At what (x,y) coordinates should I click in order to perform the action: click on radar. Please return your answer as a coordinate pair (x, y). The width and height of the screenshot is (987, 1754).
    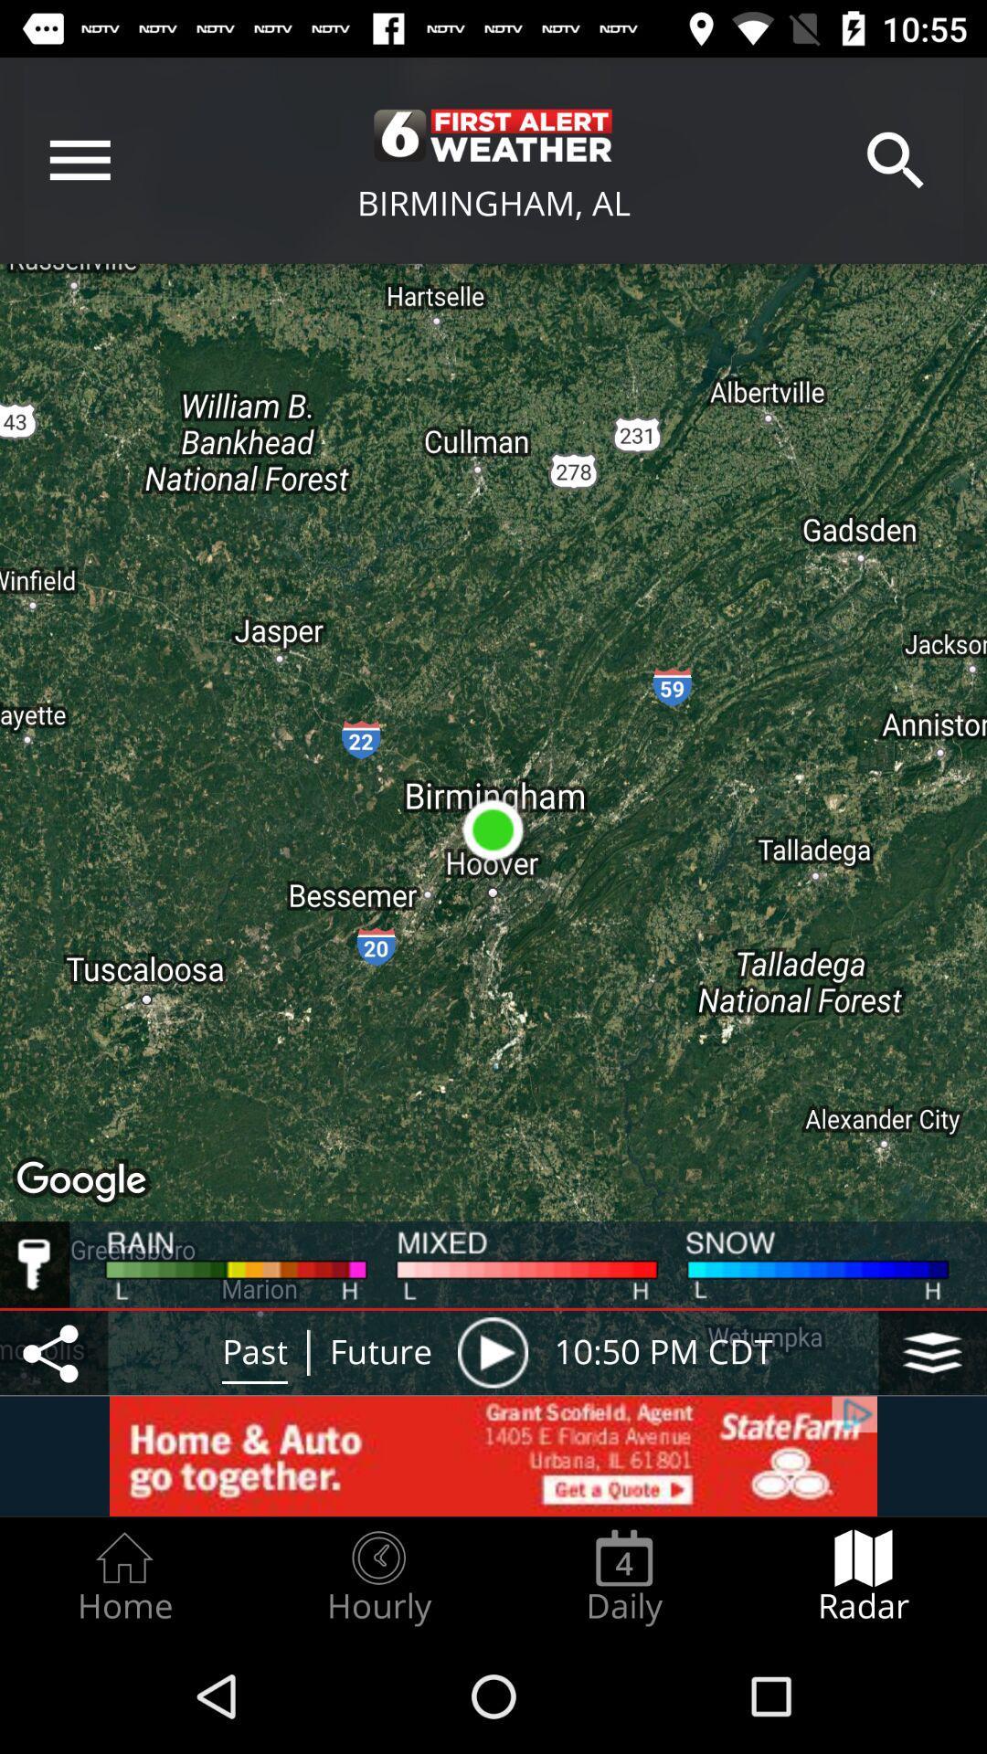
    Looking at the image, I should click on (864, 1577).